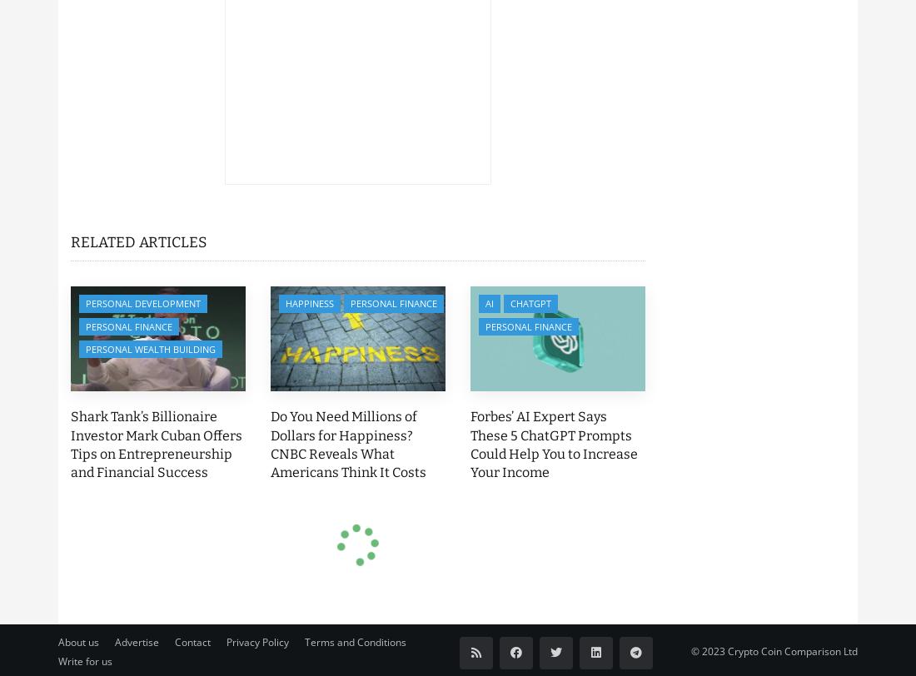 This screenshot has width=916, height=676. Describe the element at coordinates (530, 303) in the screenshot. I see `'ChatGPT'` at that location.